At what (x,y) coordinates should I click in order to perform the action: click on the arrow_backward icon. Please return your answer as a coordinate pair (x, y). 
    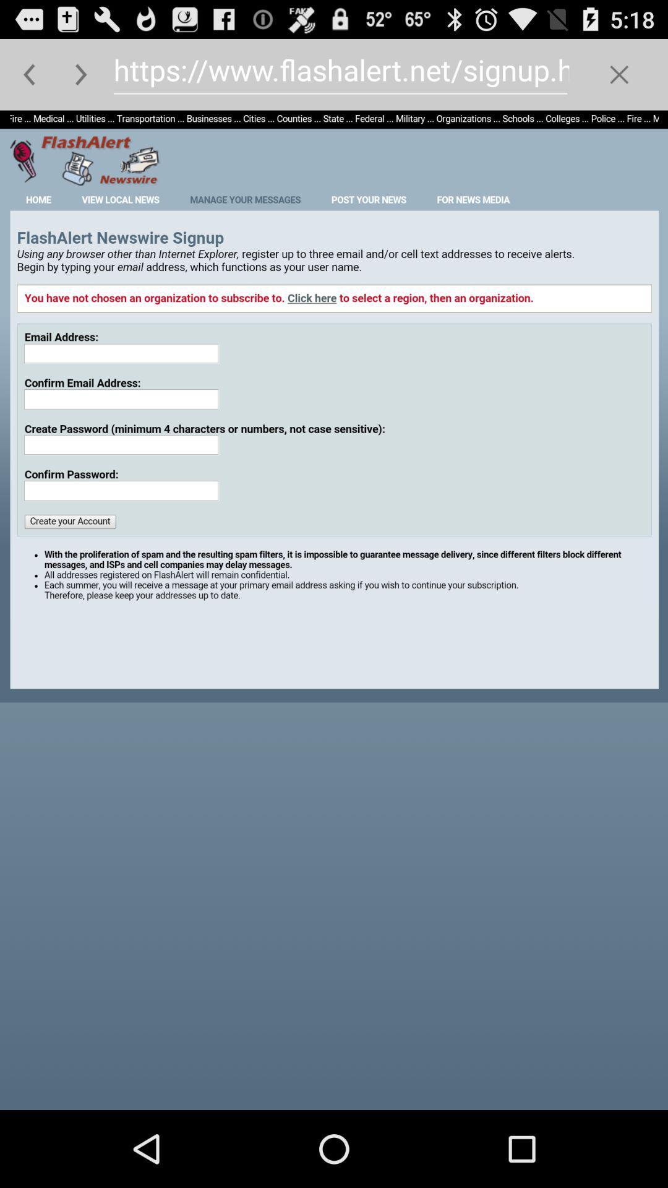
    Looking at the image, I should click on (28, 79).